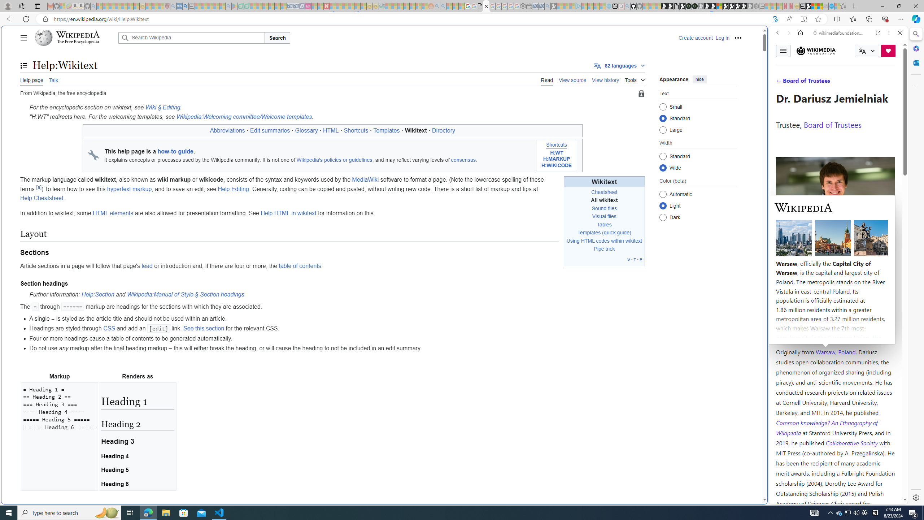  I want to click on 'Read', so click(547, 79).